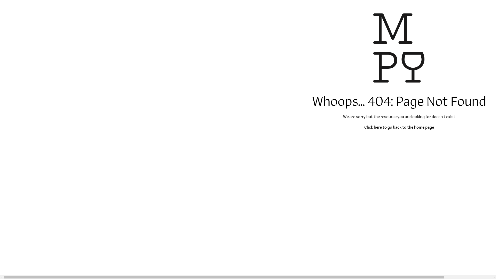 The height and width of the screenshot is (279, 496). Describe the element at coordinates (399, 127) in the screenshot. I see `'Click here to go back to the home page'` at that location.